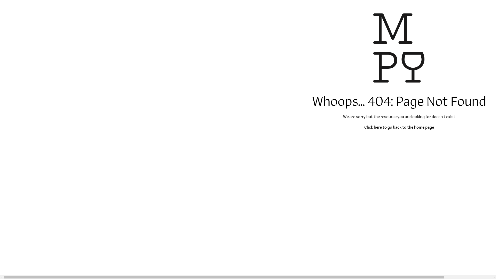 The height and width of the screenshot is (279, 496). Describe the element at coordinates (399, 127) in the screenshot. I see `'Click here to go back to the home page'` at that location.